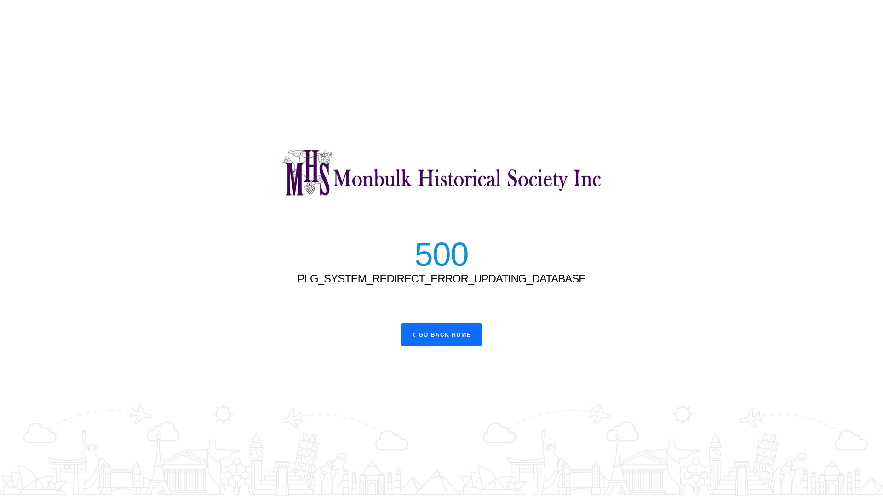 This screenshot has width=883, height=496. I want to click on 'GO BACK HOME', so click(401, 335).